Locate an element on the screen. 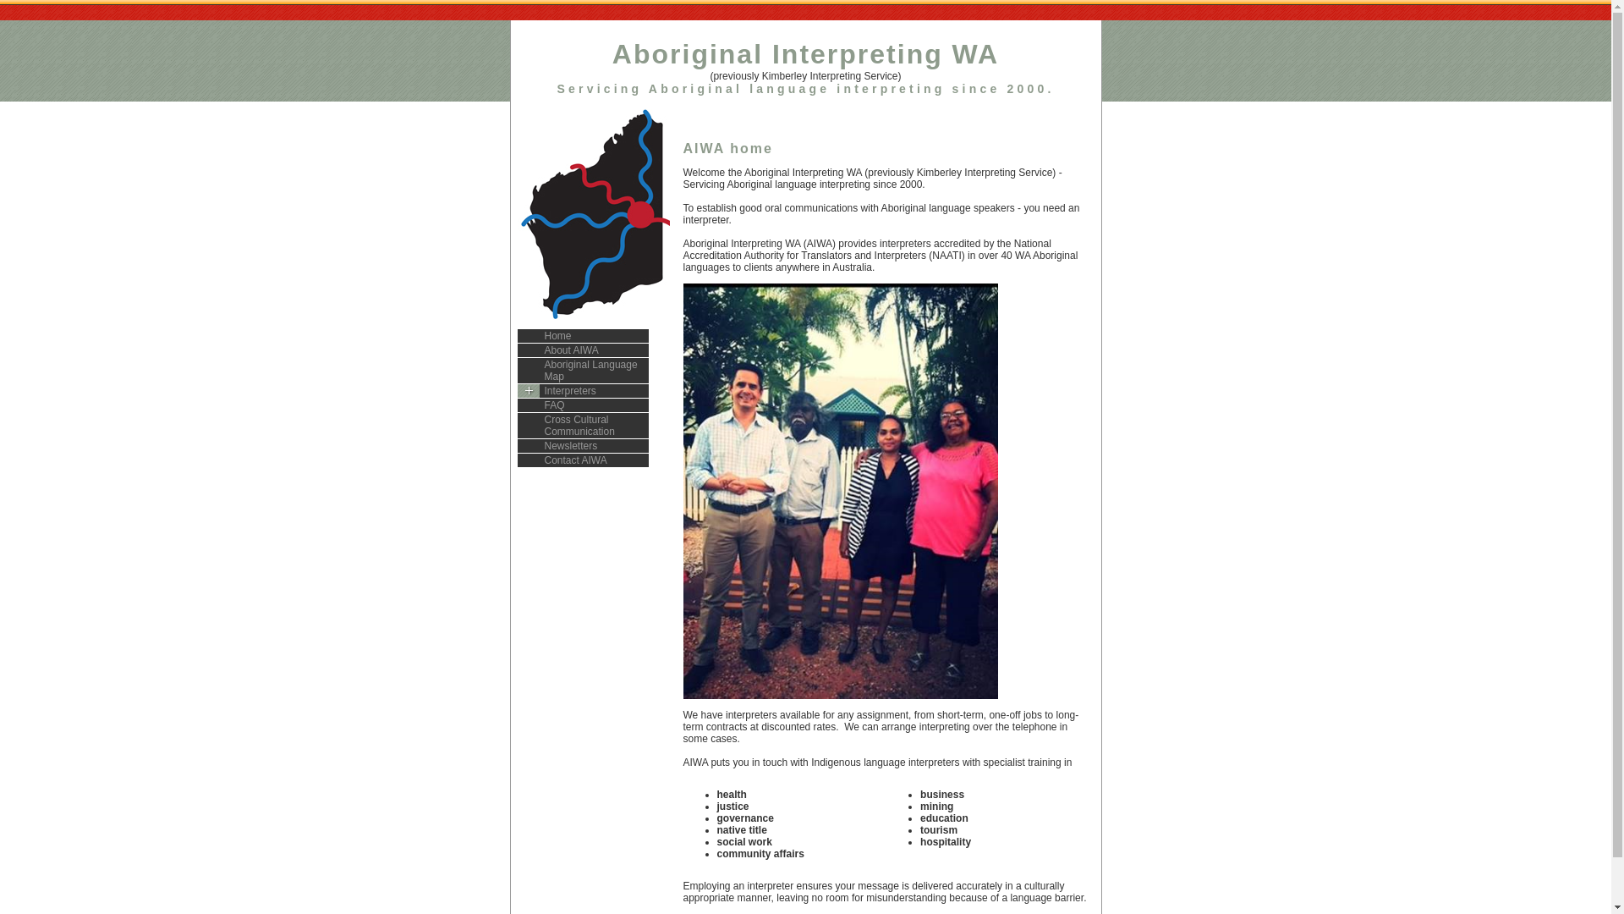 This screenshot has width=1624, height=914. 'Contact AIWA' is located at coordinates (583, 460).